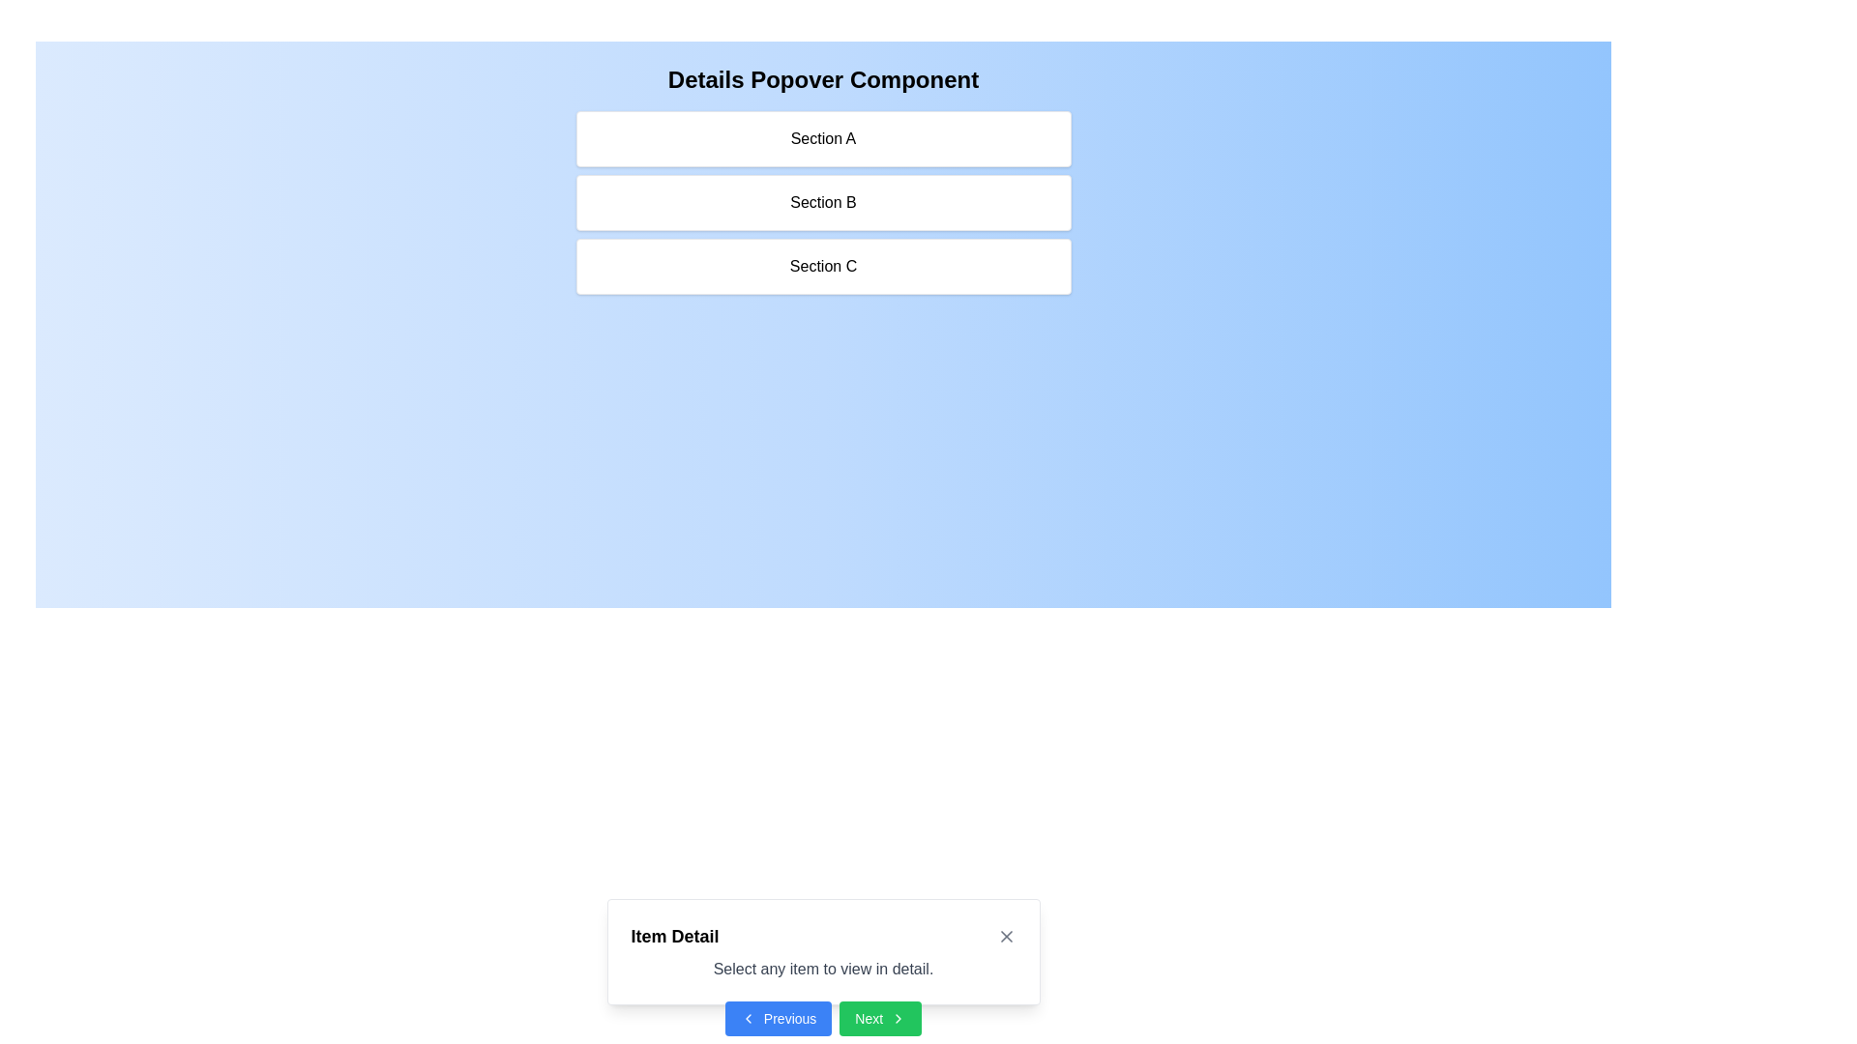  I want to click on the close button icon in the top-right corner of the 'Item Detail' panel to change its color, so click(1006, 935).